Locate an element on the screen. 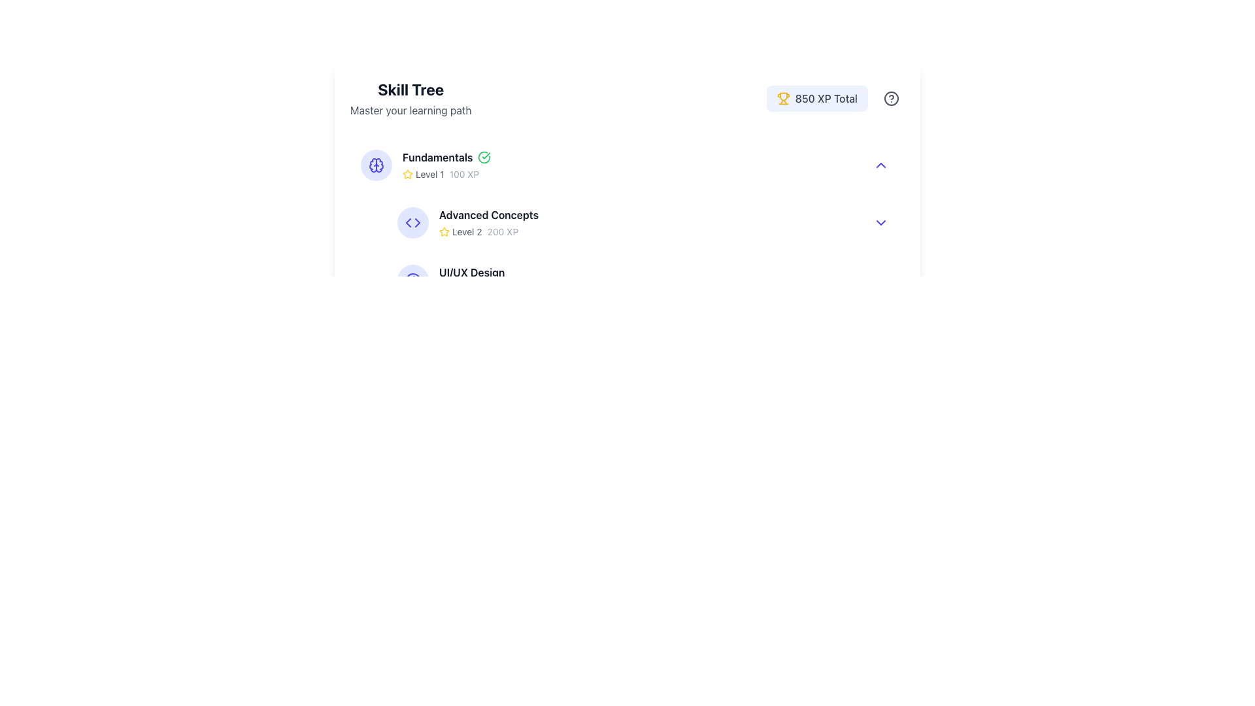 The height and width of the screenshot is (706, 1255). the interactive graphic arrow located on the right side of the pair of arrows in the skill tree interface is located at coordinates (416, 222).